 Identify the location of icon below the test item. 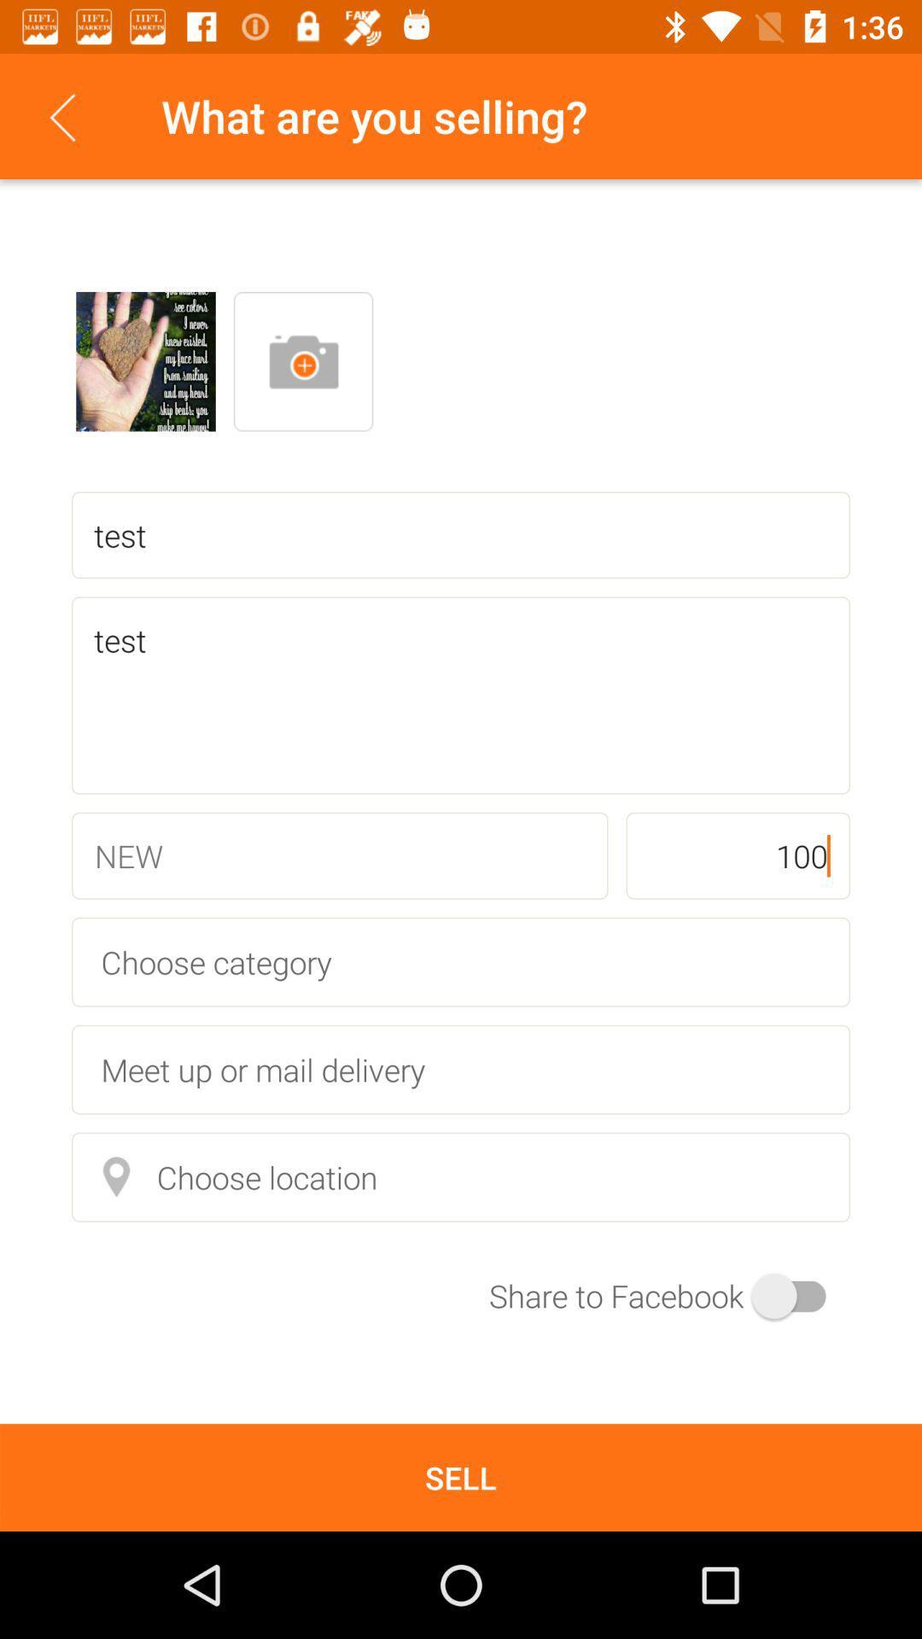
(737, 855).